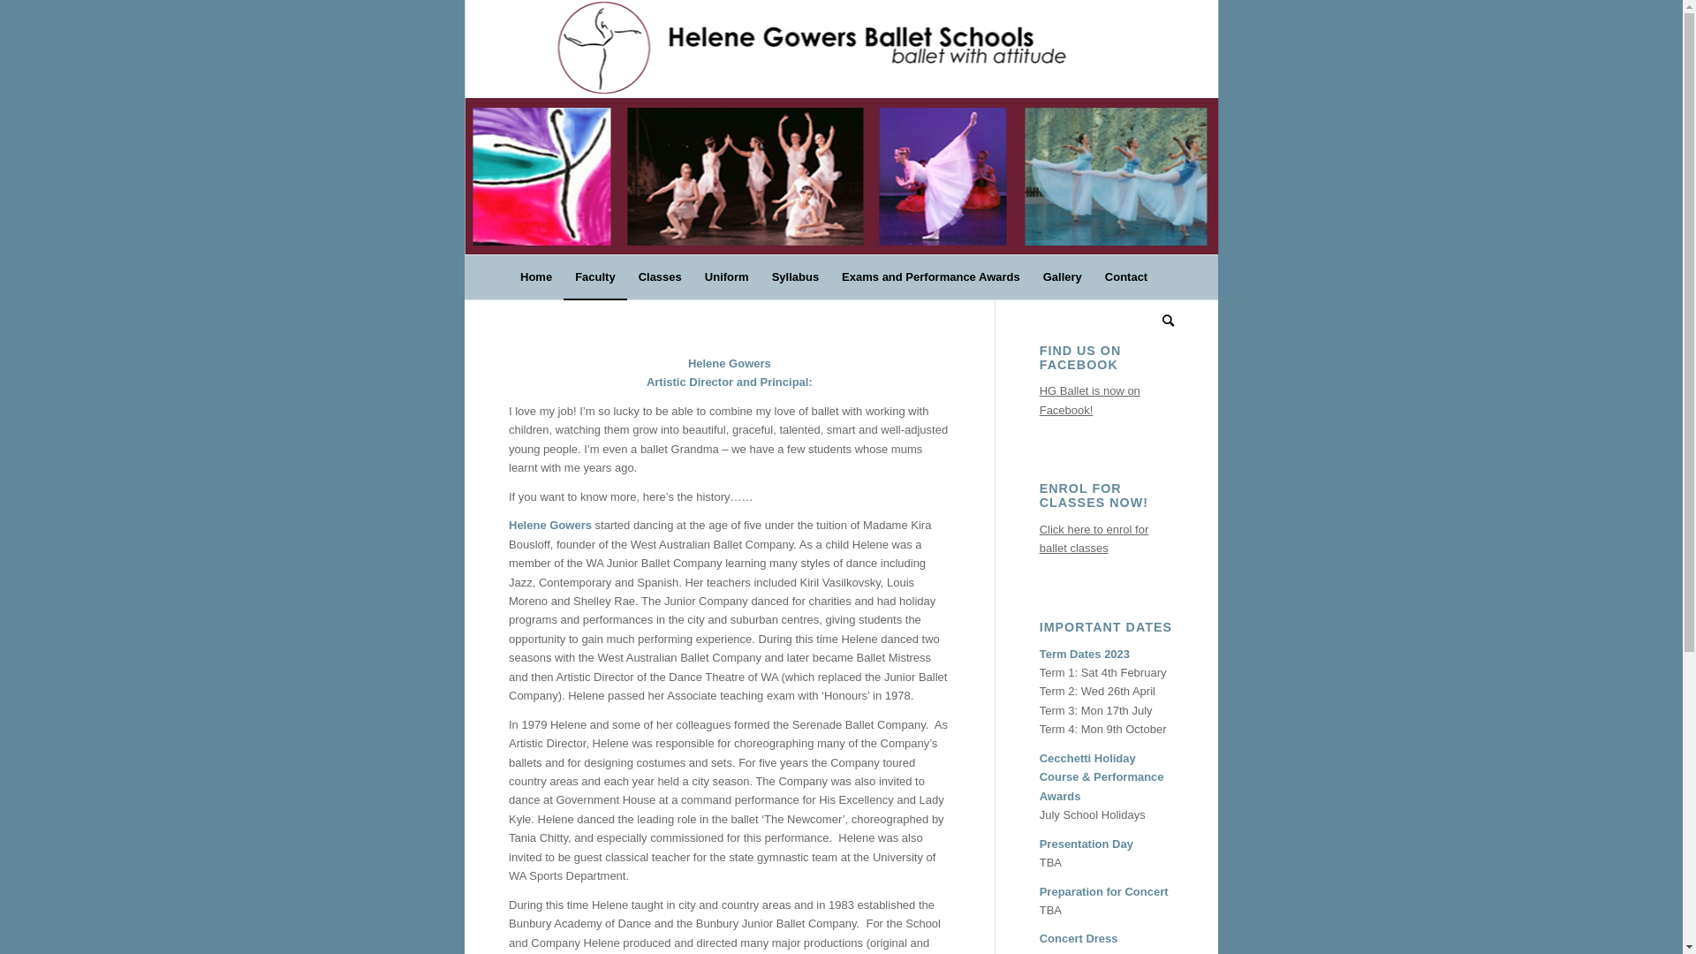 The width and height of the screenshot is (1696, 954). I want to click on 'Home', so click(534, 276).